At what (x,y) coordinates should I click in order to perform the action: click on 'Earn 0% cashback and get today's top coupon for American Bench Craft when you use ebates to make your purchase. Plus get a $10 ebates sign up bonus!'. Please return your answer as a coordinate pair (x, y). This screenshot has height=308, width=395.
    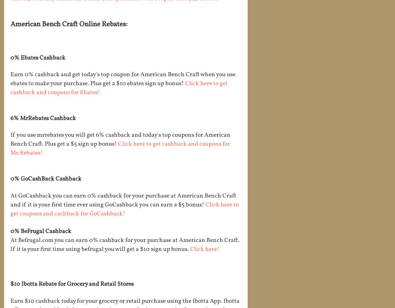
    Looking at the image, I should click on (10, 79).